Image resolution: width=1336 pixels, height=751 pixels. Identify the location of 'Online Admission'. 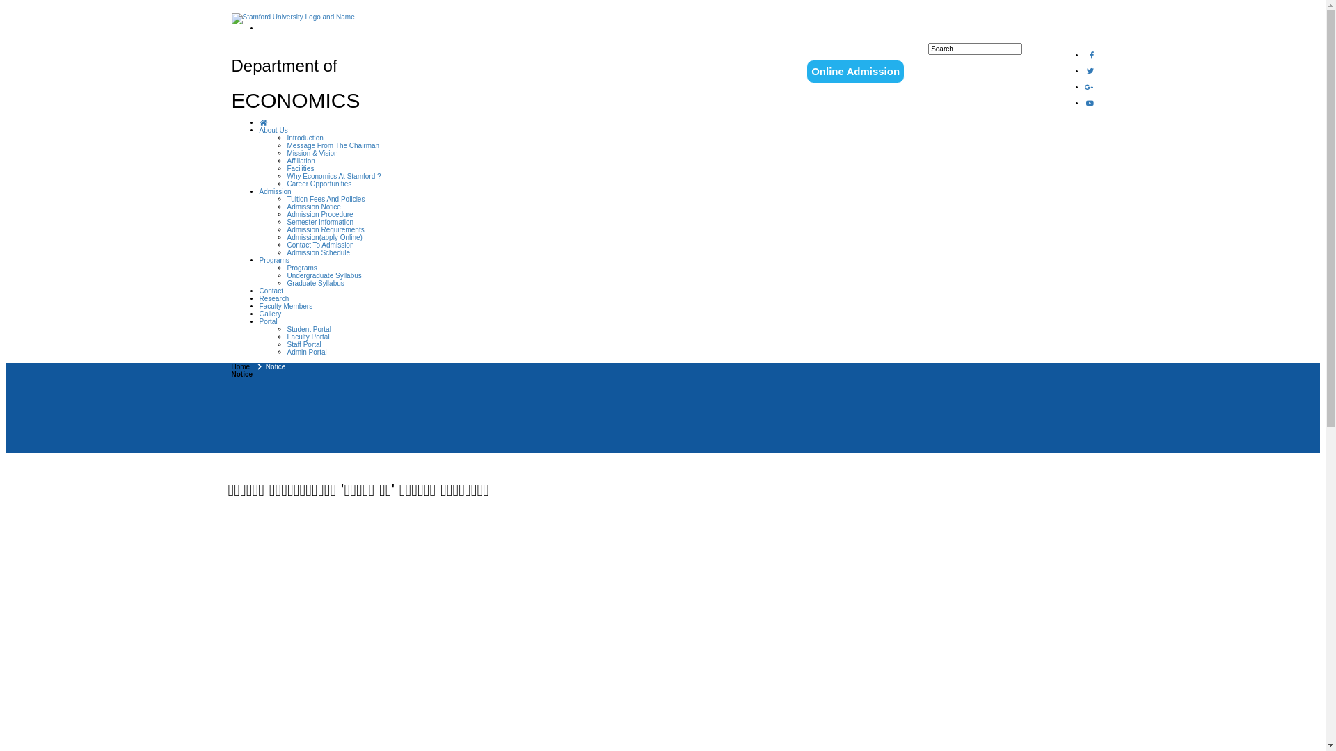
(854, 72).